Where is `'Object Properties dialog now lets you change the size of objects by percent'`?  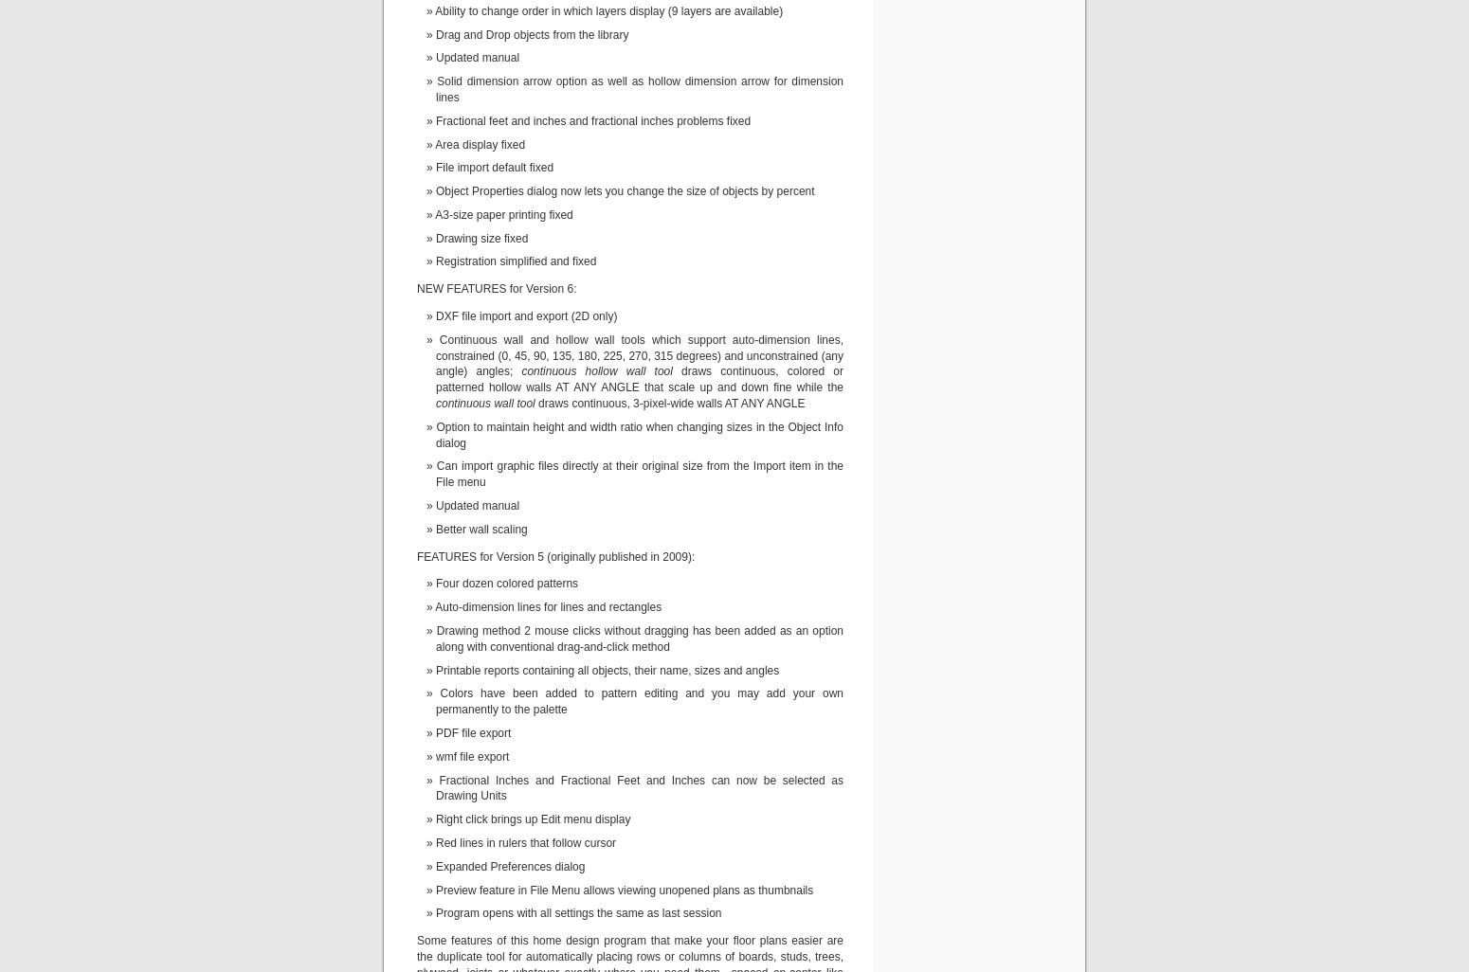 'Object Properties dialog now lets you change the size of objects by percent' is located at coordinates (624, 190).